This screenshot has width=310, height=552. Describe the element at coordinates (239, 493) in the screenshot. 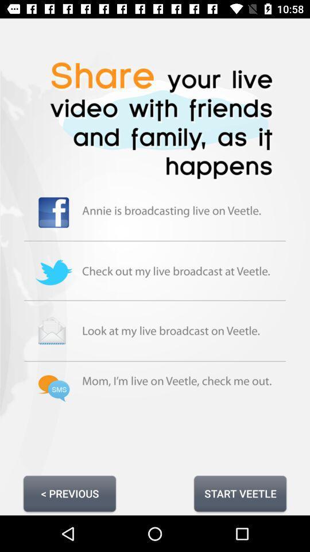

I see `the start veetle at the bottom right corner` at that location.